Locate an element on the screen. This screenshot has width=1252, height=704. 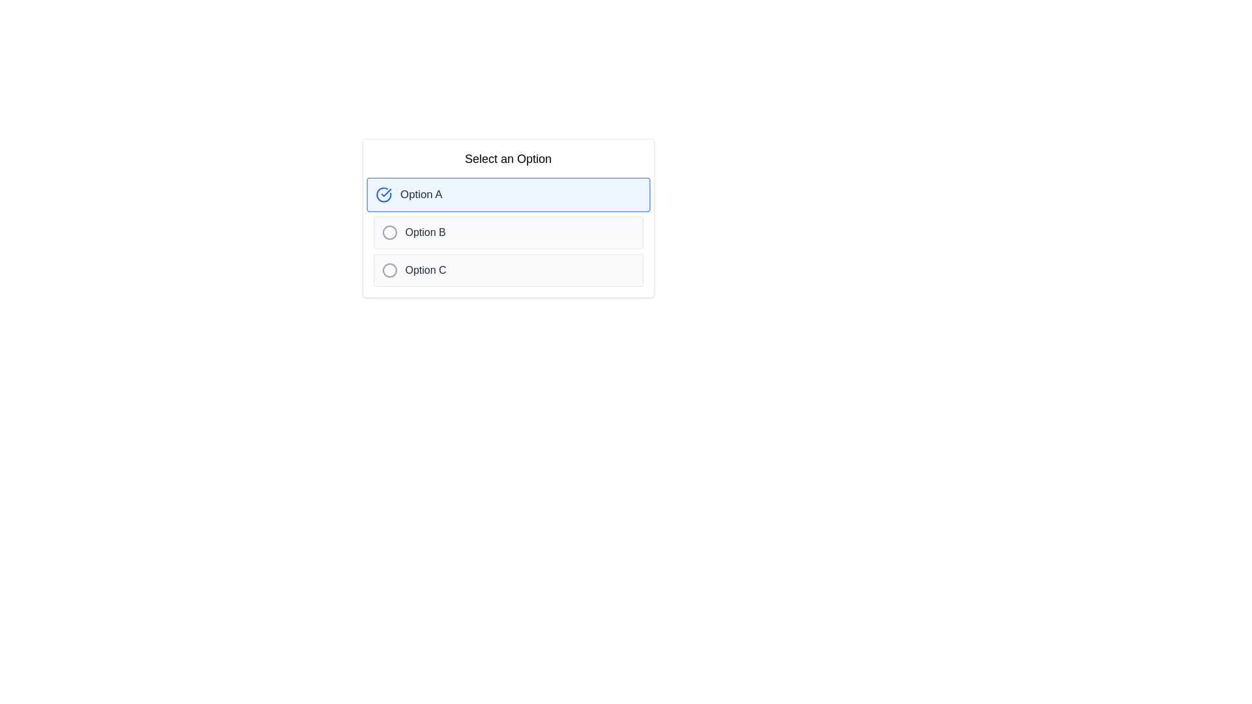
the unfilled circular radio button marker located to the left of the 'Option B' label is located at coordinates (389, 232).